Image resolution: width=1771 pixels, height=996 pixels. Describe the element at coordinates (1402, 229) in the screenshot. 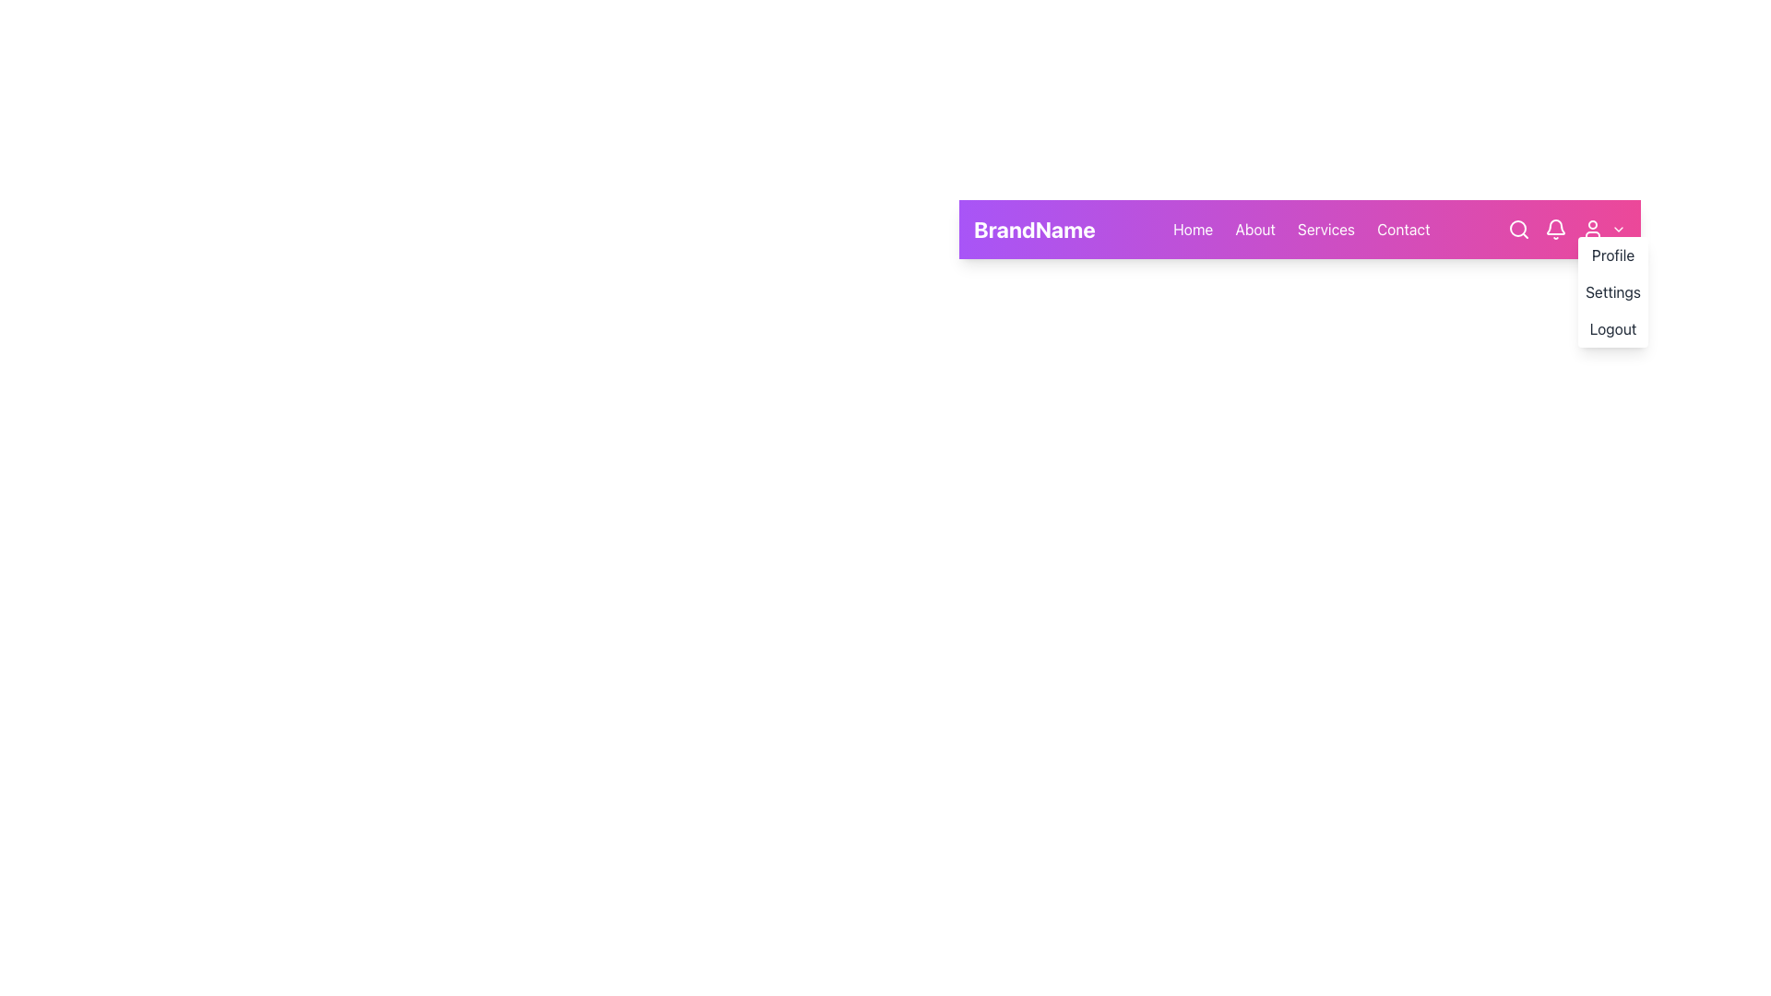

I see `the 'Contact' hyperlink in the navigation bar` at that location.